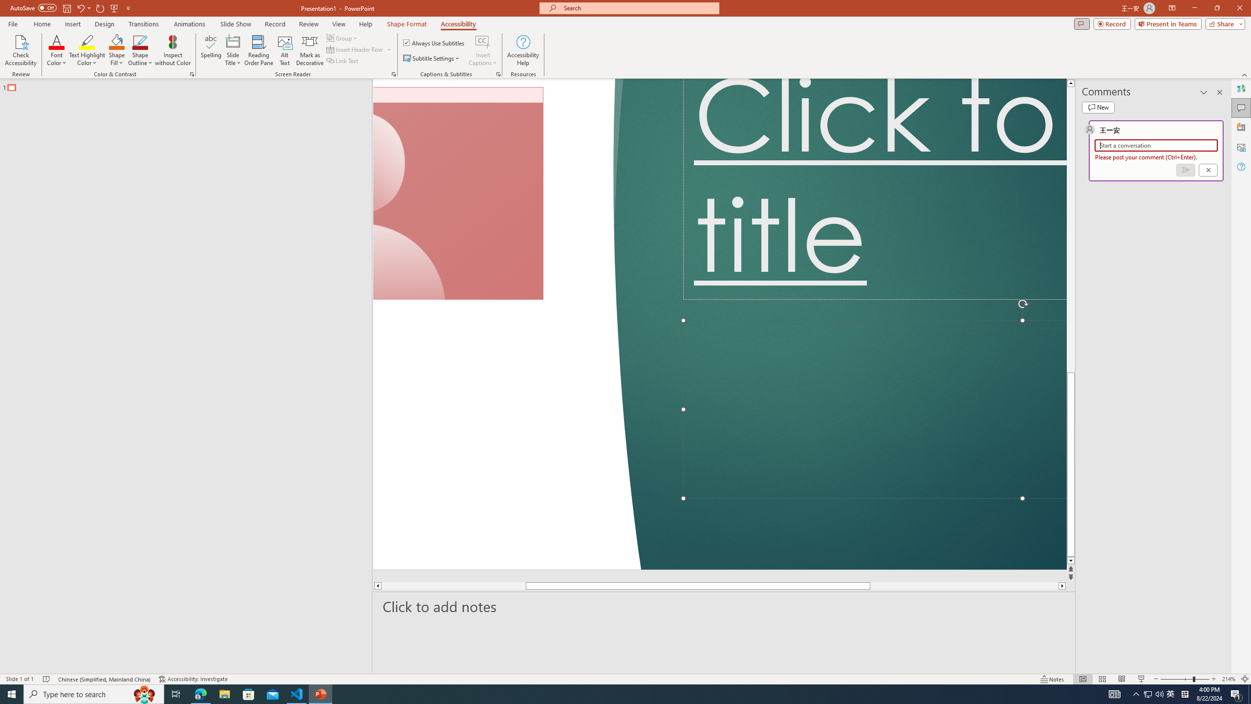 The image size is (1251, 704). I want to click on 'Cancel', so click(1207, 170).